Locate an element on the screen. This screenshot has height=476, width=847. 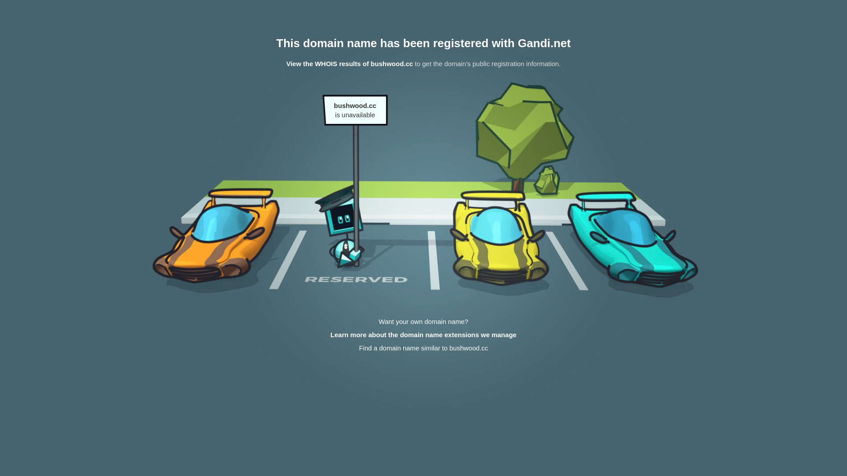
'Find a domain name similar to bushwood.cc' is located at coordinates (423, 347).